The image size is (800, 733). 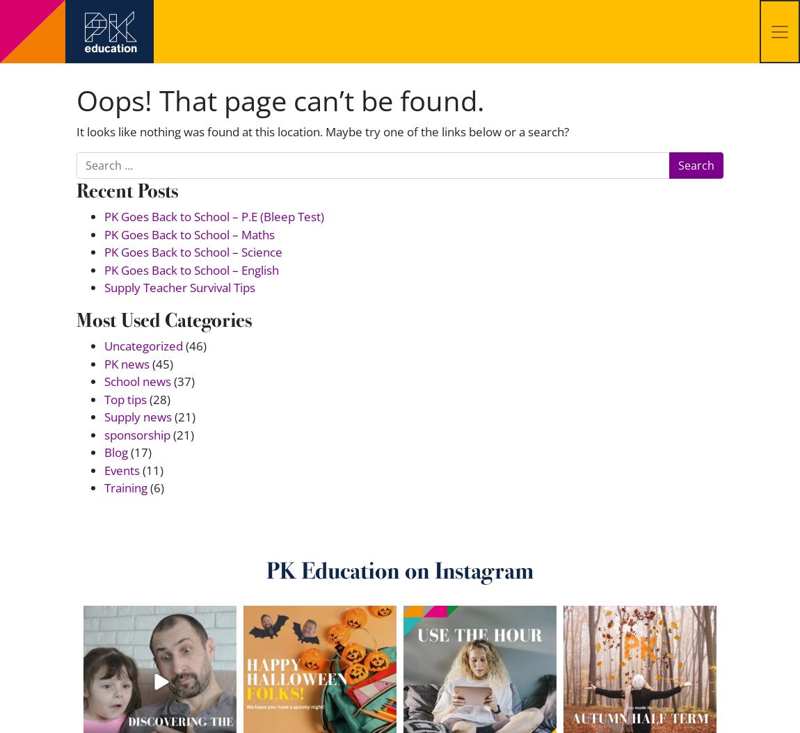 What do you see at coordinates (179, 287) in the screenshot?
I see `'Supply Teacher Survival Tips'` at bounding box center [179, 287].